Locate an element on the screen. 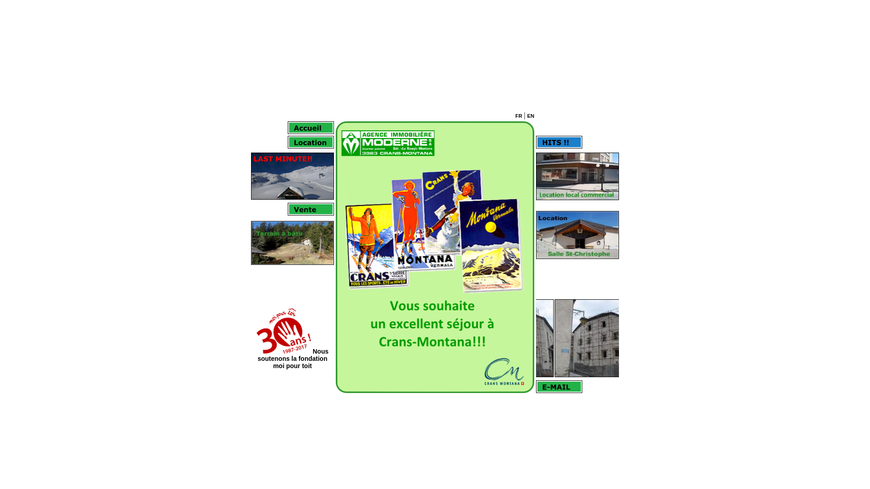  'FR' is located at coordinates (518, 115).